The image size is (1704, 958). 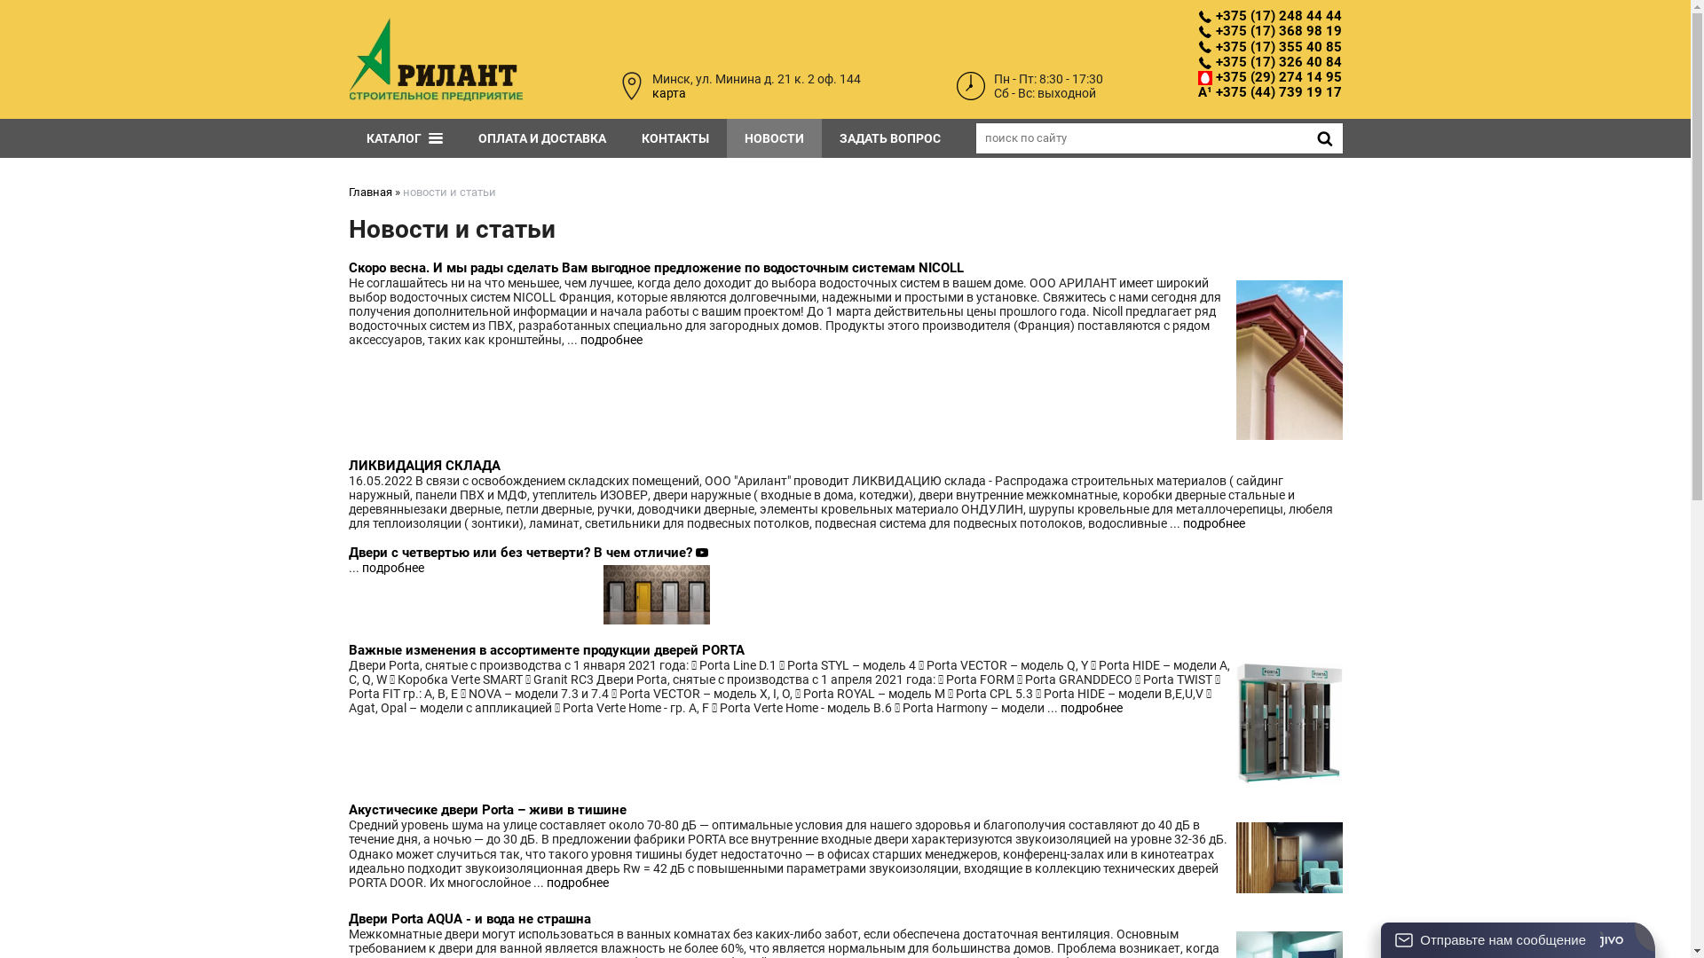 I want to click on '+375 (17) 368 98 19', so click(x=1197, y=31).